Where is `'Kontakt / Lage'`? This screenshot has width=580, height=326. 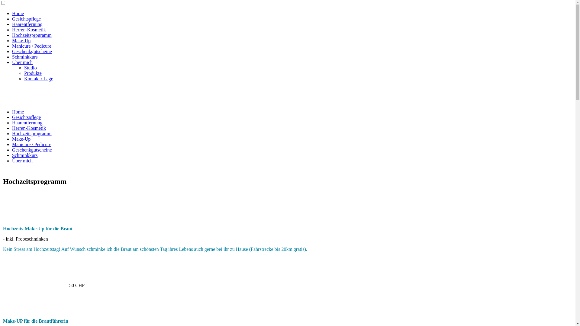 'Kontakt / Lage' is located at coordinates (24, 78).